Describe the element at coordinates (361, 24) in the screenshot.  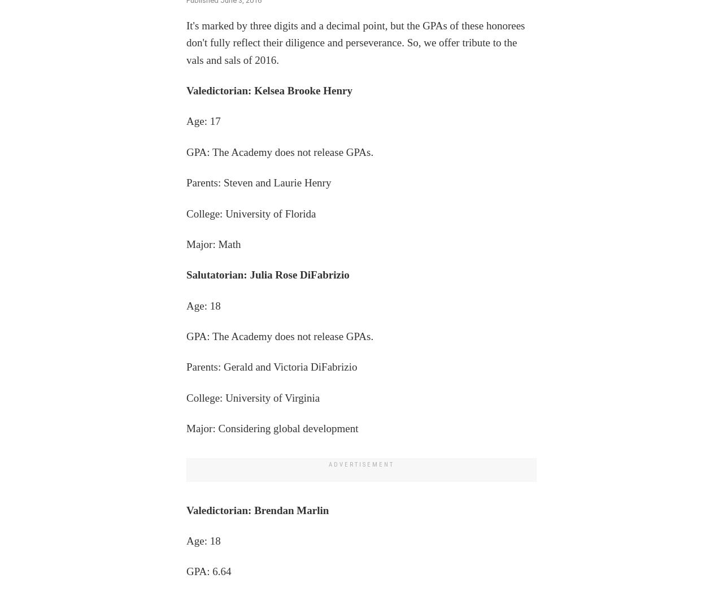
I see `'FLASH SALE – Ends soon!'` at that location.